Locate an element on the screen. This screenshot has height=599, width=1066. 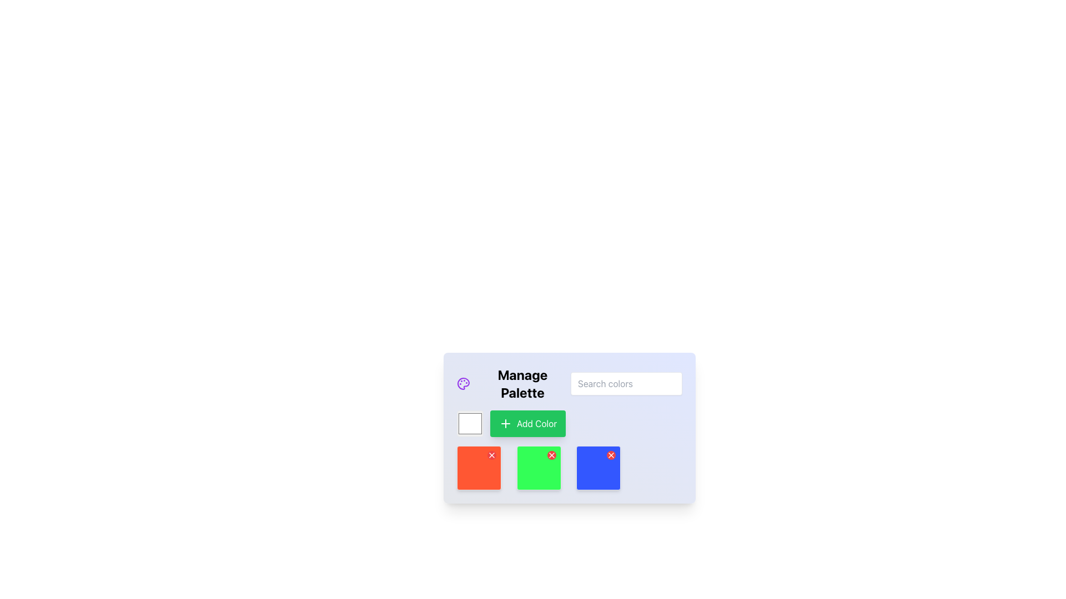
the color box in the grid layout at the bottom of the 'Manage Palette' interface for selection or editing is located at coordinates (570, 468).